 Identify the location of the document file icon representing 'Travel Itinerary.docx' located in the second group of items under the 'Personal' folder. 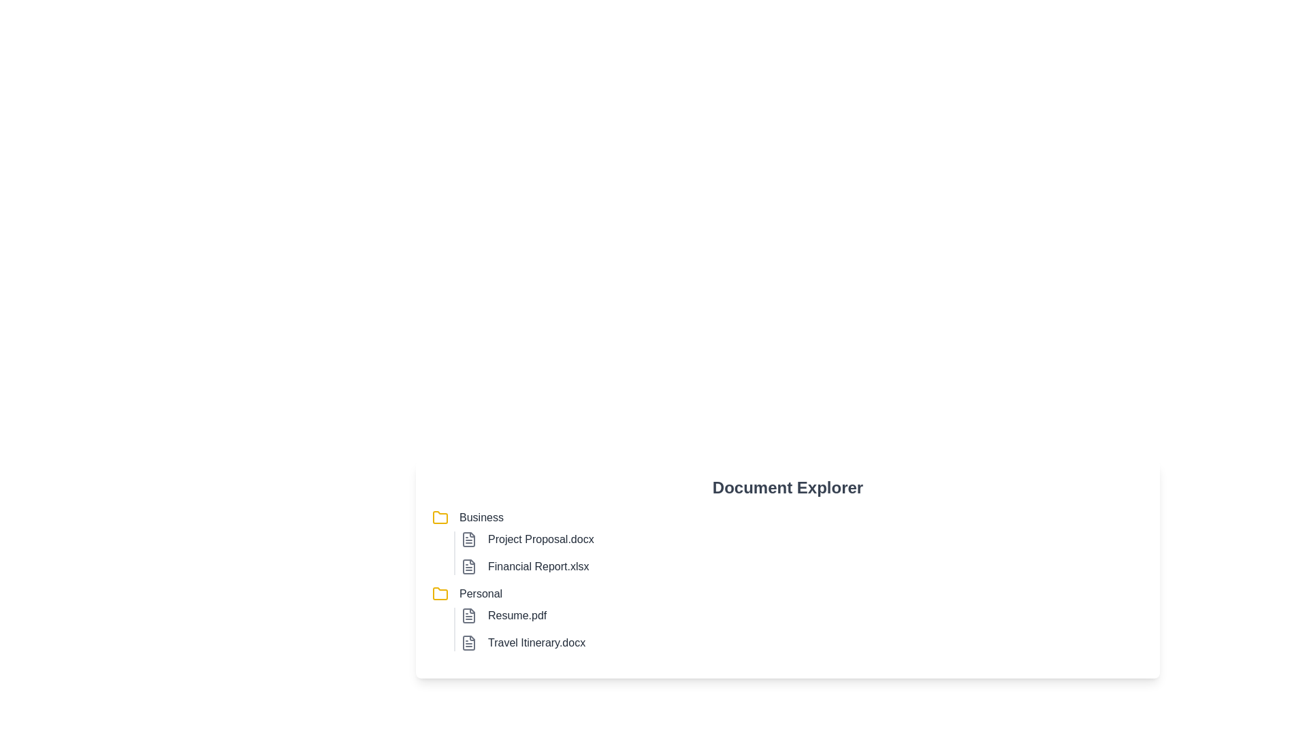
(469, 643).